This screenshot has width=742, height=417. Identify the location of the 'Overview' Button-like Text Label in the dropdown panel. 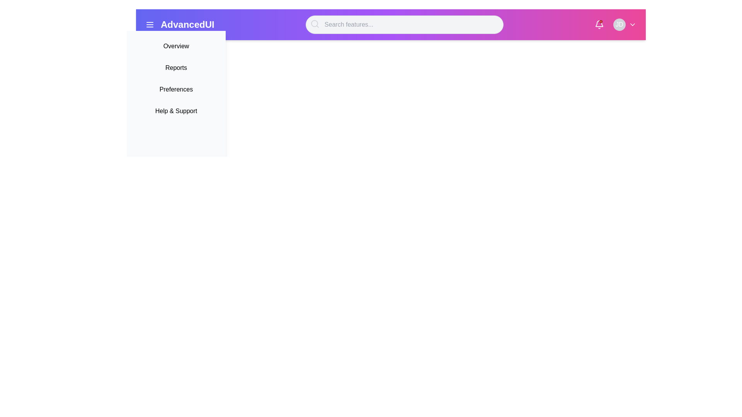
(176, 46).